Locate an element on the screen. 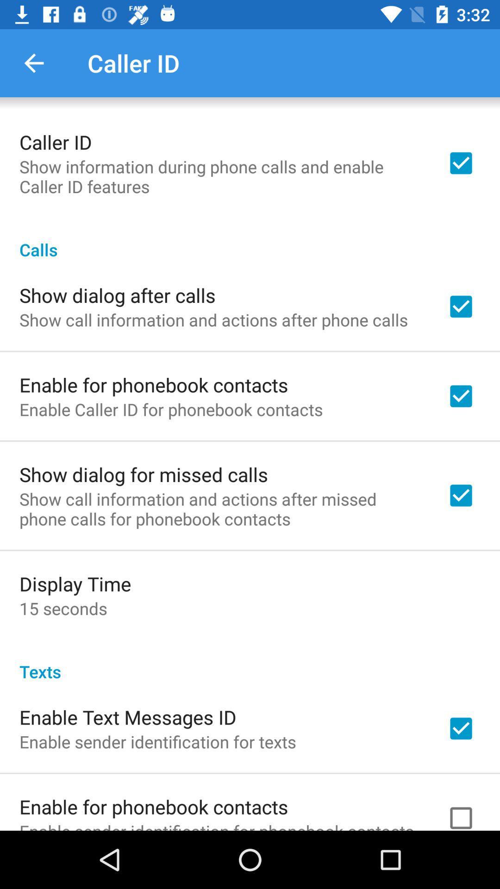 This screenshot has height=889, width=500. item below the texts item is located at coordinates (128, 716).